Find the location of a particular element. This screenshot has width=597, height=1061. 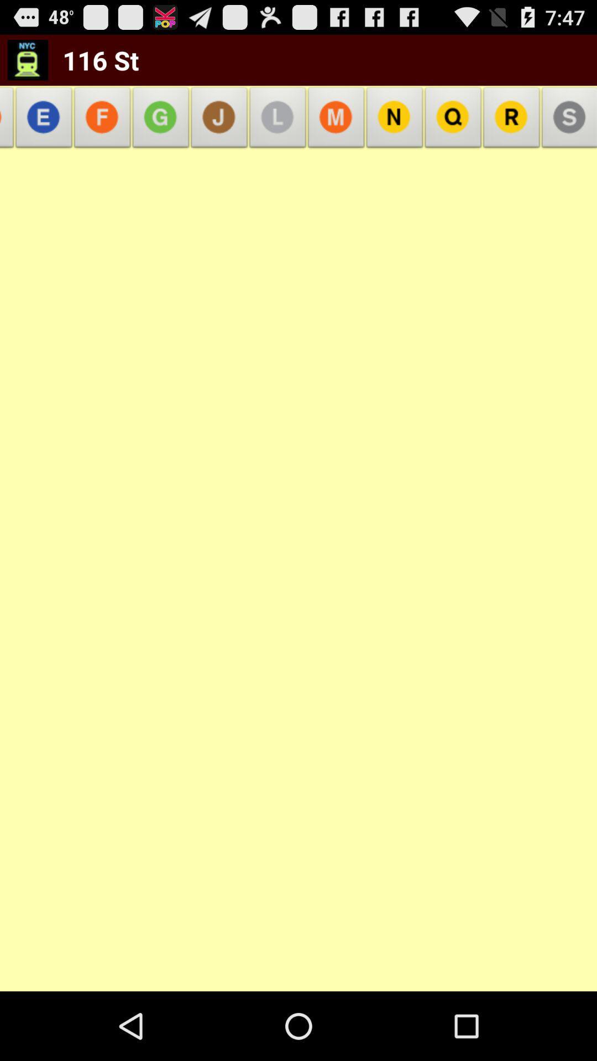

the facebook icon is located at coordinates (102, 129).